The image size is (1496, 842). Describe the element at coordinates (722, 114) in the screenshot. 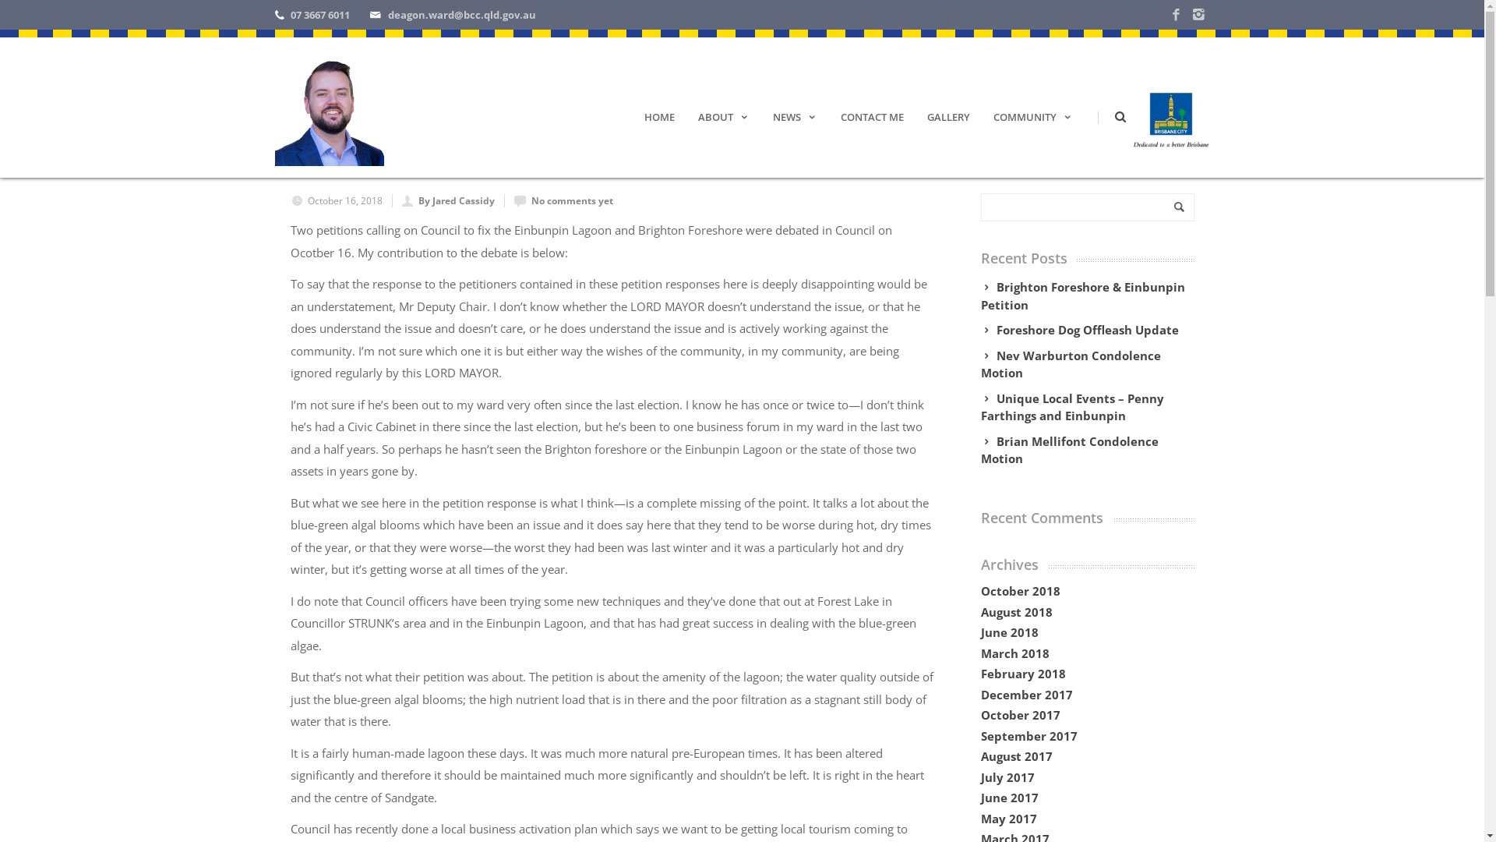

I see `'ABOUT'` at that location.